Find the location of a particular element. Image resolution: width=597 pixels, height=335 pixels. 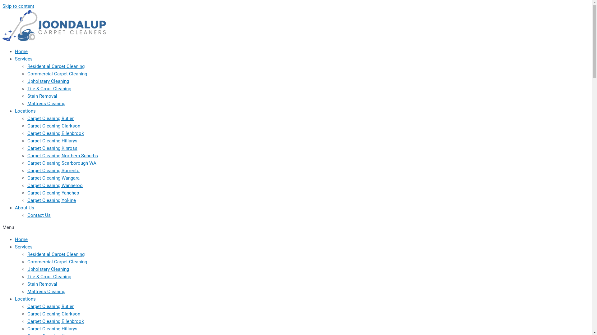

'Carpet Cleaning Kinross' is located at coordinates (52, 148).